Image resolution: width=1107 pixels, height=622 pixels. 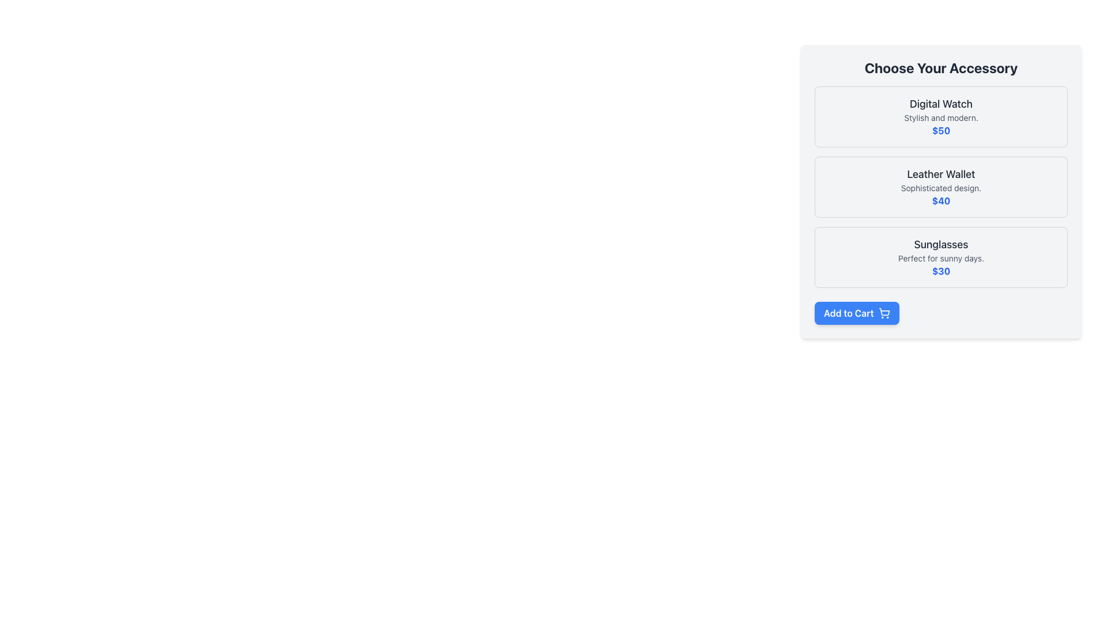 I want to click on the Text Label that identifies the product name 'Sunglasses', located between the 'Leather Wallet' card and the 'Add to Cart' button in the accessory selection panel, so click(x=941, y=244).